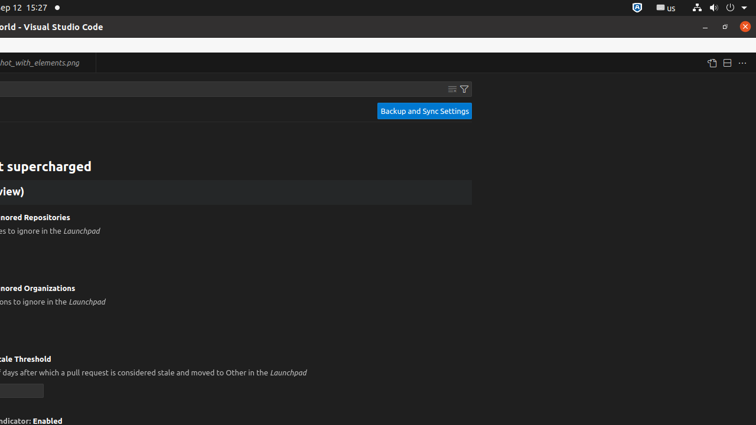 This screenshot has width=756, height=425. Describe the element at coordinates (451, 88) in the screenshot. I see `'Clear Settings Search Input'` at that location.